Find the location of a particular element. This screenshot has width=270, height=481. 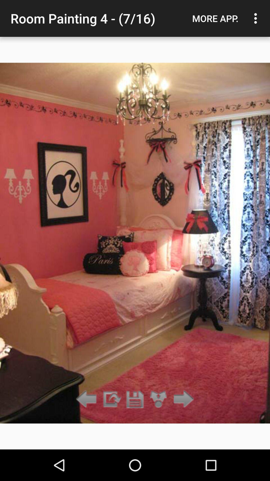

forward is located at coordinates (182, 399).